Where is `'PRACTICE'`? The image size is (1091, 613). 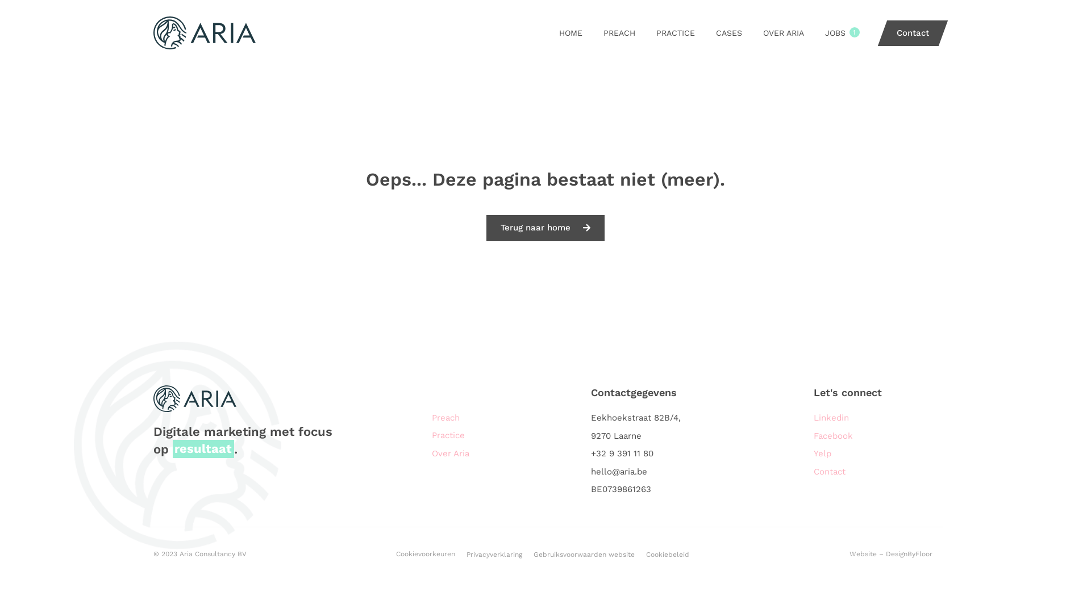 'PRACTICE' is located at coordinates (676, 32).